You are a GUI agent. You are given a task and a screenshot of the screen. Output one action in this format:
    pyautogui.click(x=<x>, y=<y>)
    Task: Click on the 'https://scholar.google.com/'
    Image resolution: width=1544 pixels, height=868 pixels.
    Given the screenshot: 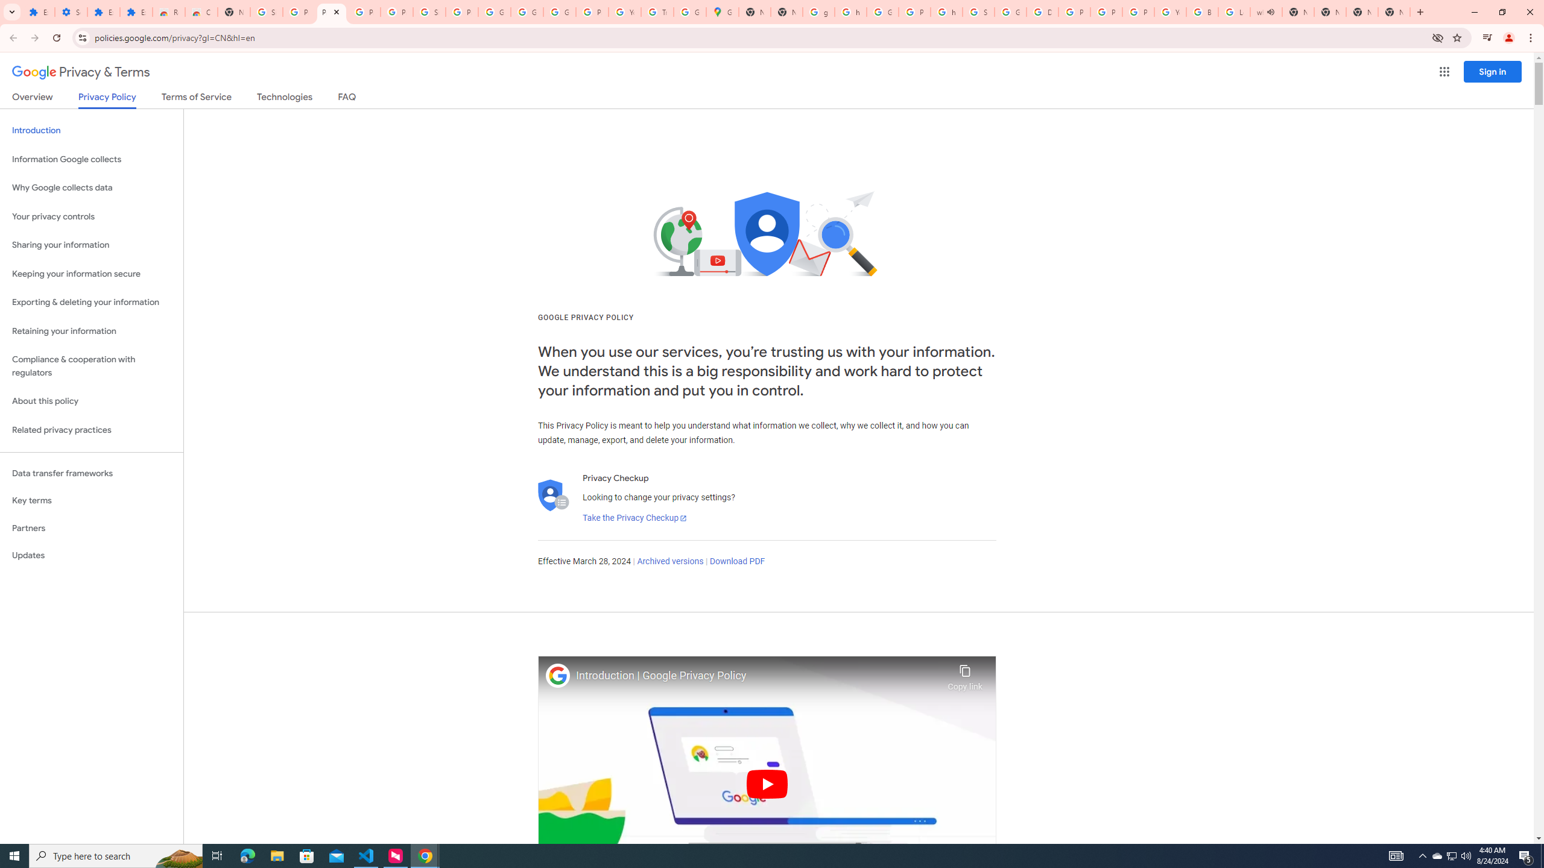 What is the action you would take?
    pyautogui.click(x=850, y=11)
    